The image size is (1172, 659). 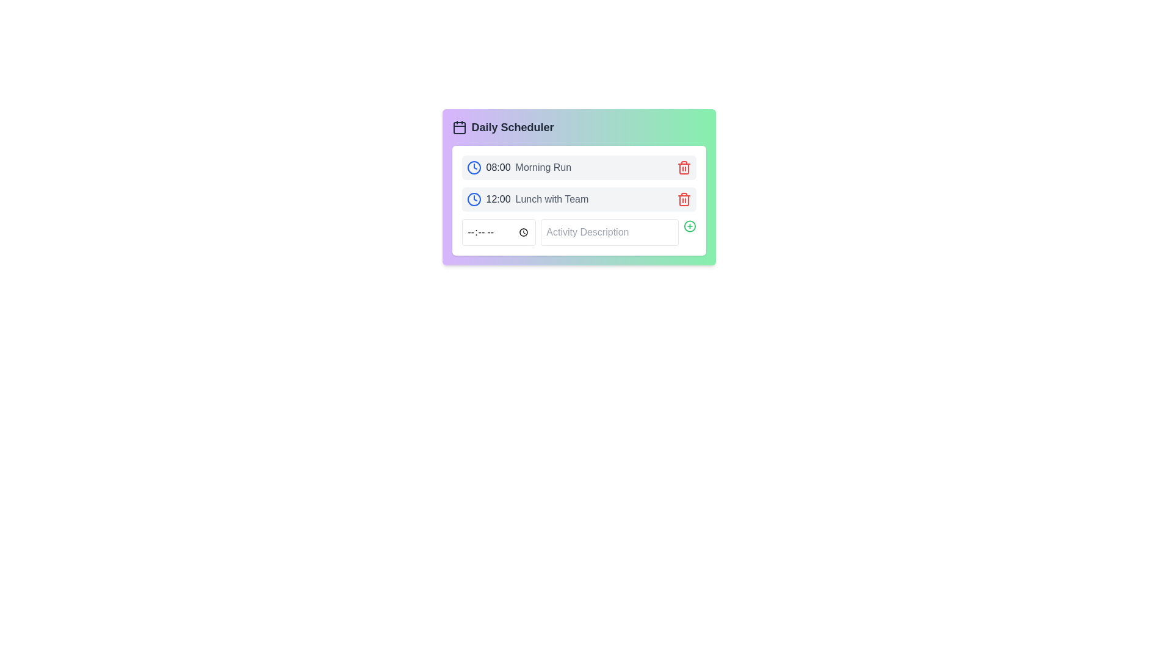 What do you see at coordinates (473, 199) in the screenshot?
I see `the blue-stroked circular SVG element located in the center of the clock icon, which is to the left of the '08:00 Morning Run' and '12:00 Lunch with Team' labels in the daily scheduler` at bounding box center [473, 199].